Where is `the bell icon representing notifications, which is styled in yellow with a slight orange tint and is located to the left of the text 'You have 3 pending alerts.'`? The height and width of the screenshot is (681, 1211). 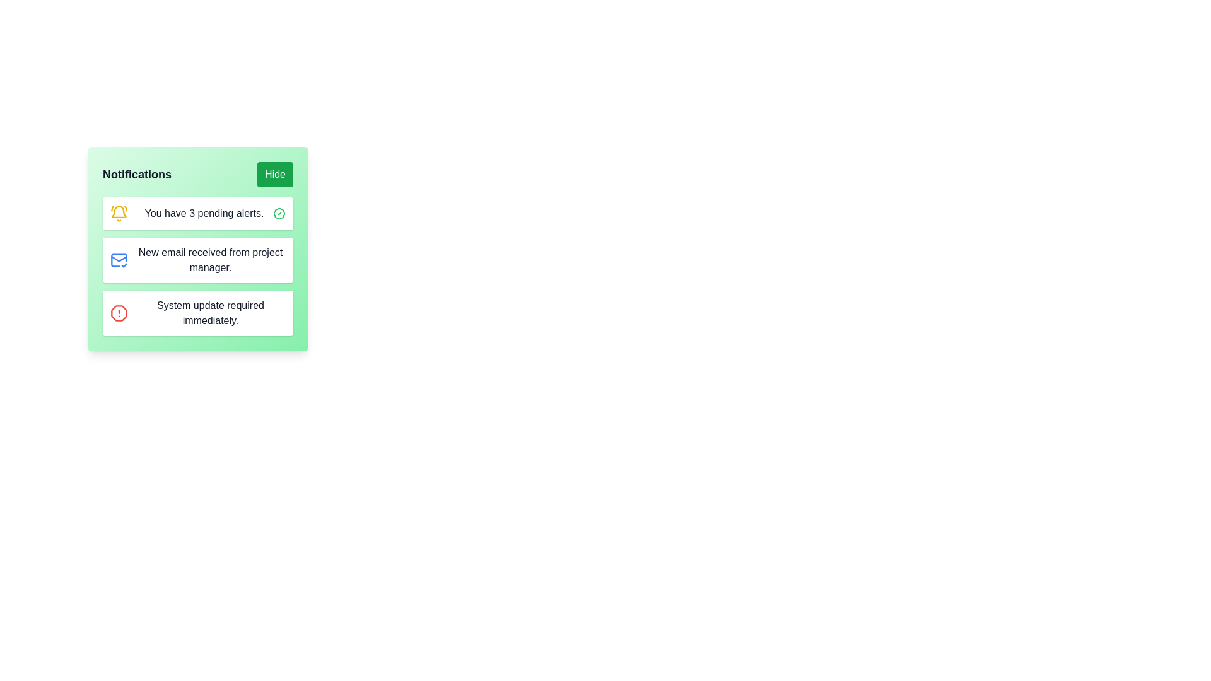
the bell icon representing notifications, which is styled in yellow with a slight orange tint and is located to the left of the text 'You have 3 pending alerts.' is located at coordinates (119, 213).